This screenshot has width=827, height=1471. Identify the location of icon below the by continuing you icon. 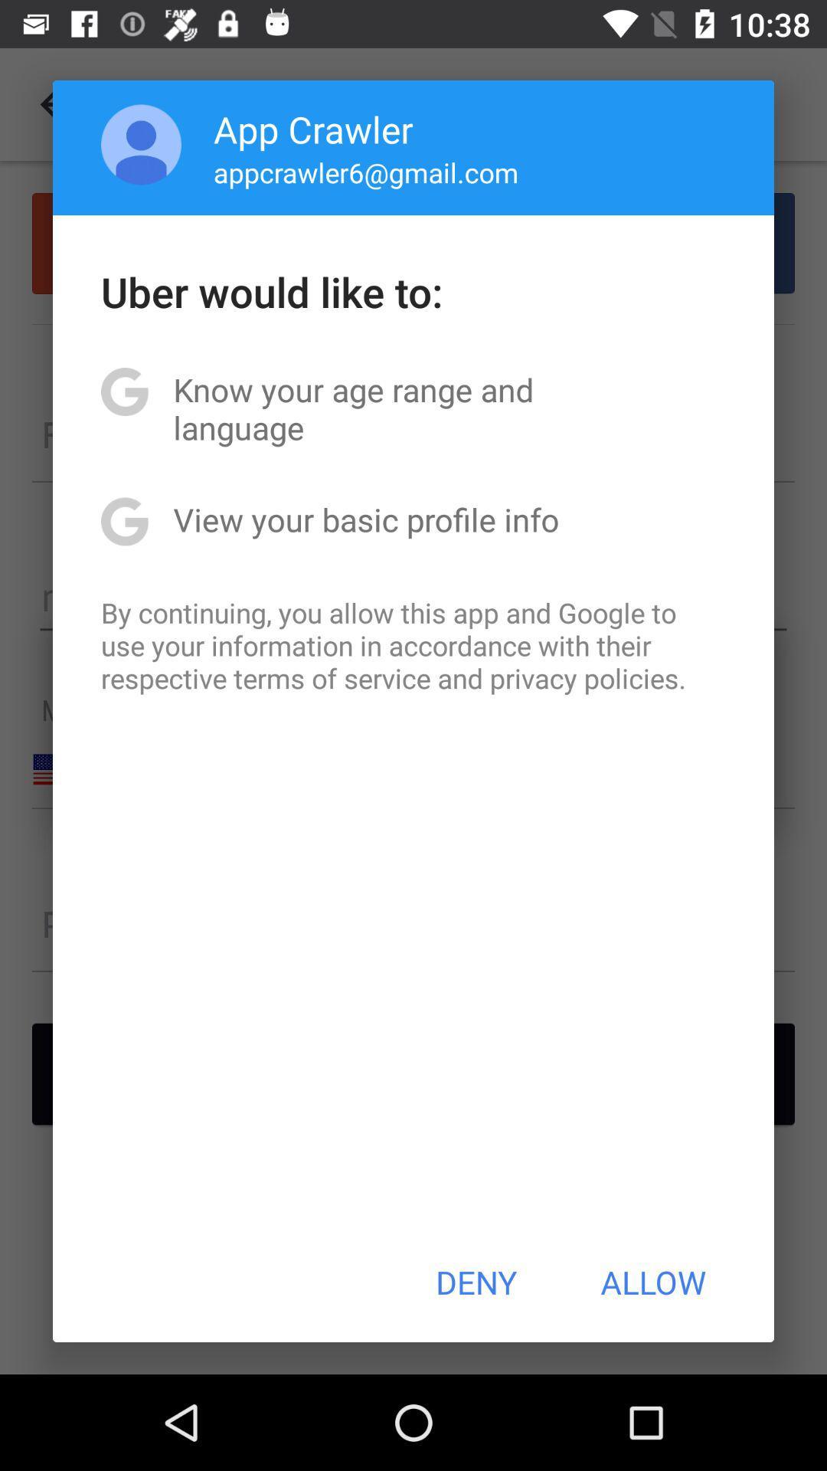
(476, 1282).